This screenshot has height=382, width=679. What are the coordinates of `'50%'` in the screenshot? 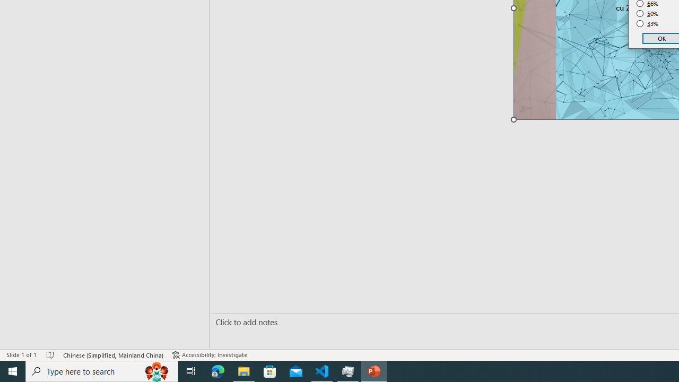 It's located at (647, 13).